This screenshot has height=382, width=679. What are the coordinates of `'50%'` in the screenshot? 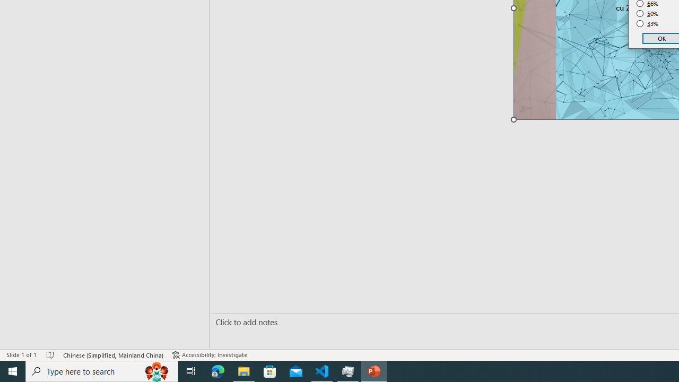 It's located at (647, 13).